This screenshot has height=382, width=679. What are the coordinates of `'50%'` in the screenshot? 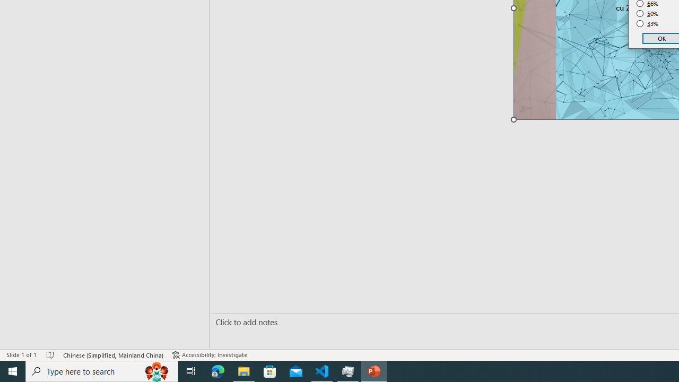 It's located at (647, 13).